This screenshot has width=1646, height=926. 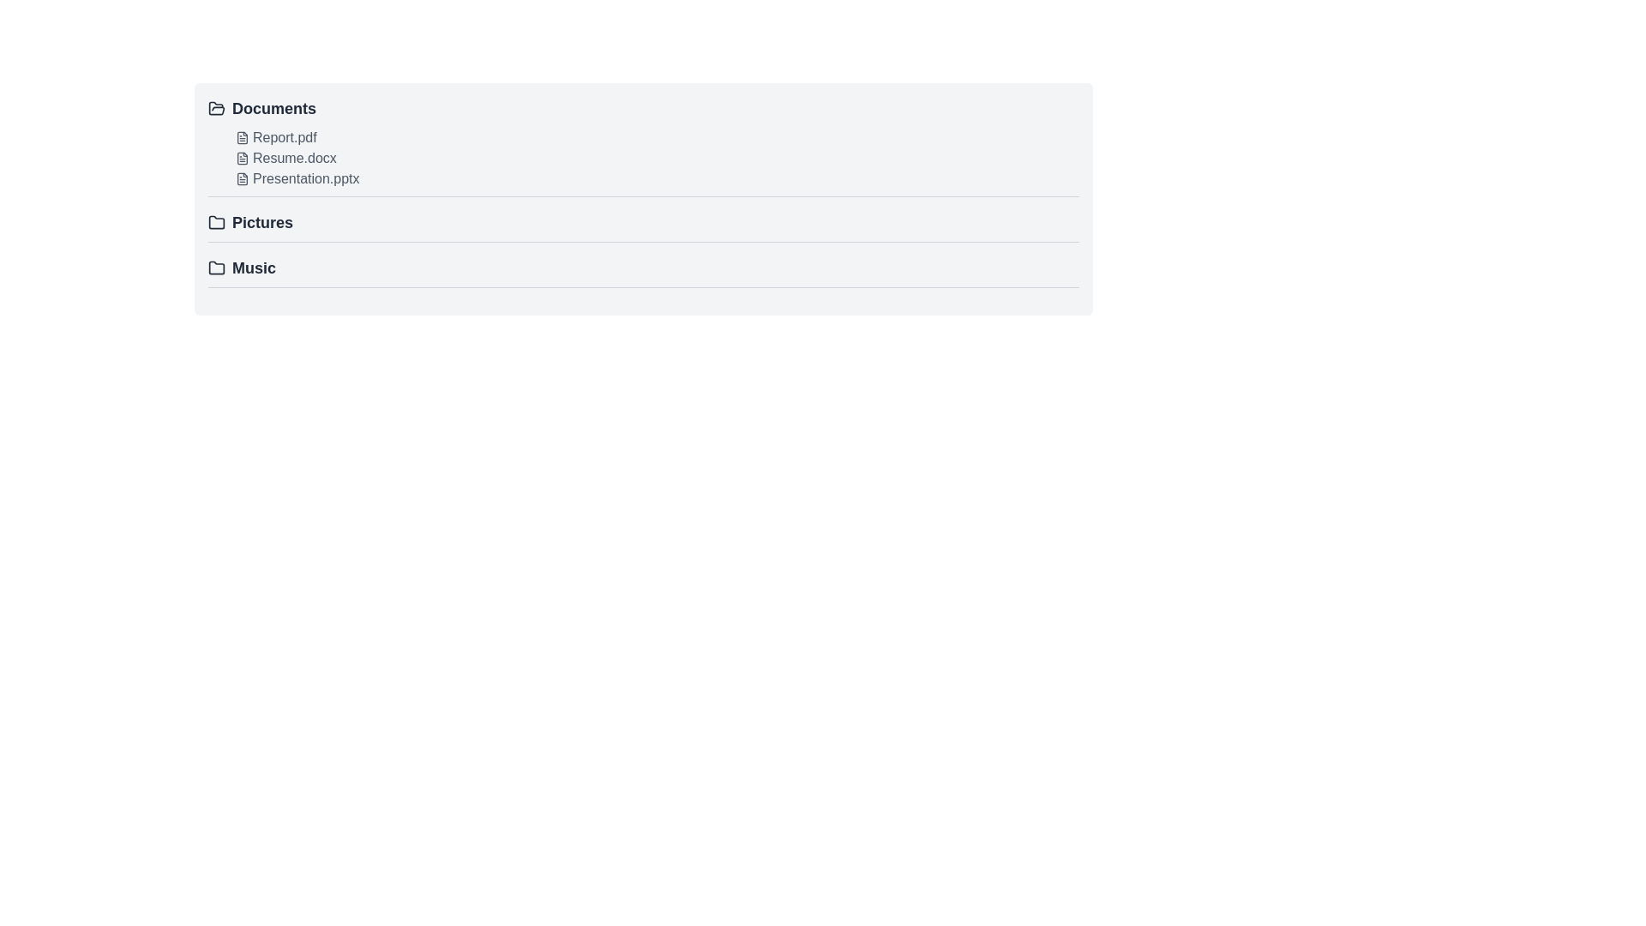 I want to click on the file icon representing 'Presentation.pptx', so click(x=242, y=178).